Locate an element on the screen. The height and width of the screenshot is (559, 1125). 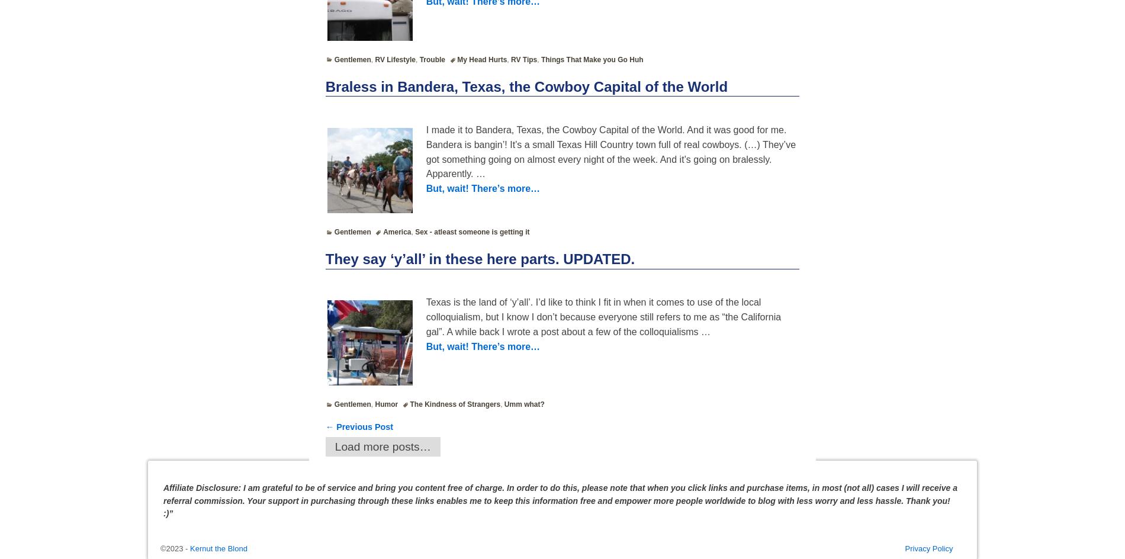
'©2023 -' is located at coordinates (175, 548).